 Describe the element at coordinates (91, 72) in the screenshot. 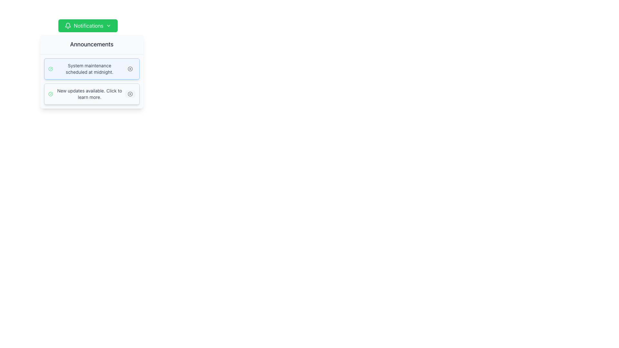

I see `text inside the notification panel titled 'Announcements' located in the top-right section of the interface below the 'Notifications' button` at that location.